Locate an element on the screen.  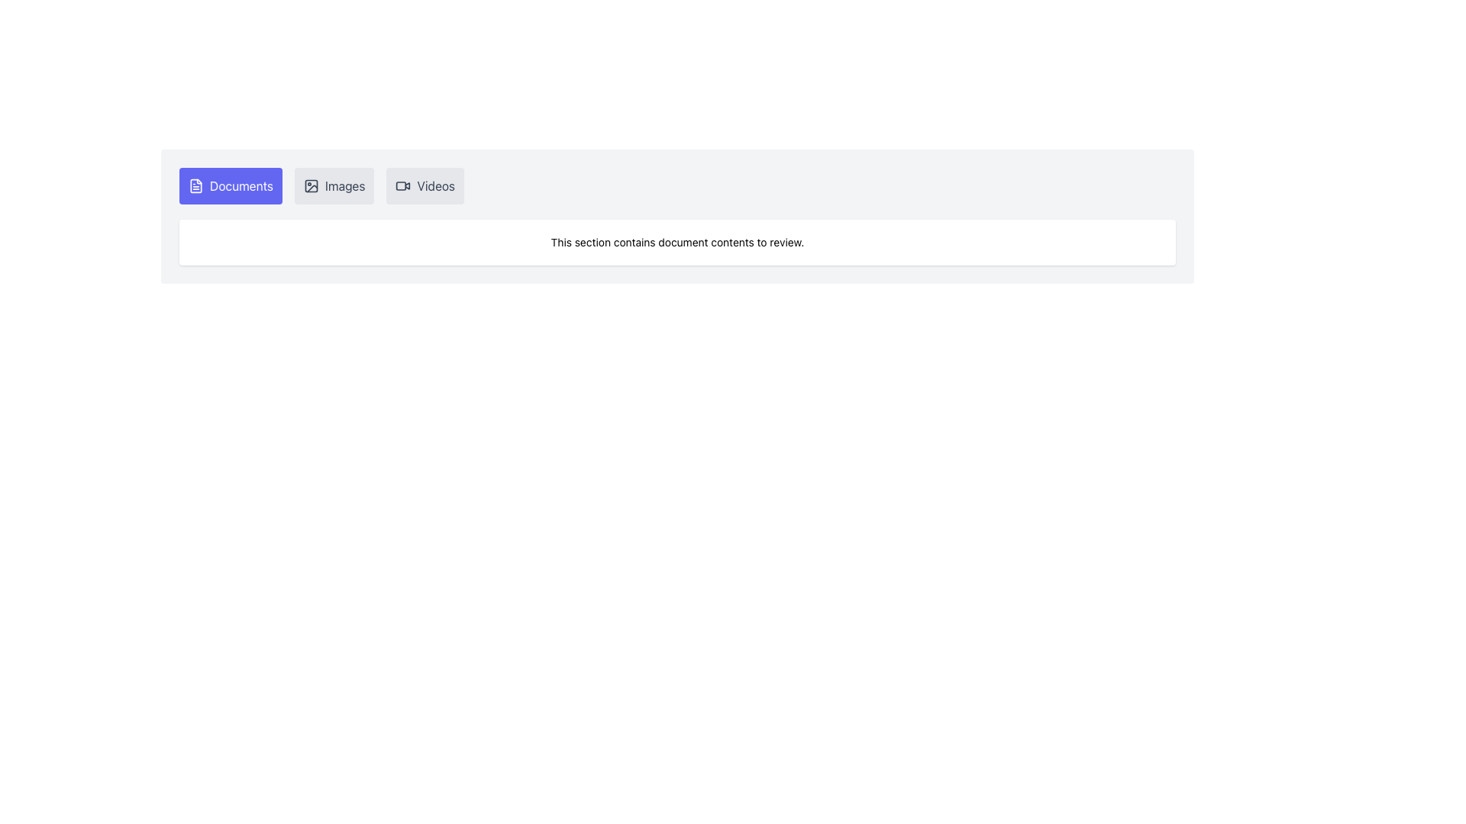
the non-interactive document icon located in the upper-left corner of the interface, which is the first icon in the 'Documents' tab group is located at coordinates (195, 185).